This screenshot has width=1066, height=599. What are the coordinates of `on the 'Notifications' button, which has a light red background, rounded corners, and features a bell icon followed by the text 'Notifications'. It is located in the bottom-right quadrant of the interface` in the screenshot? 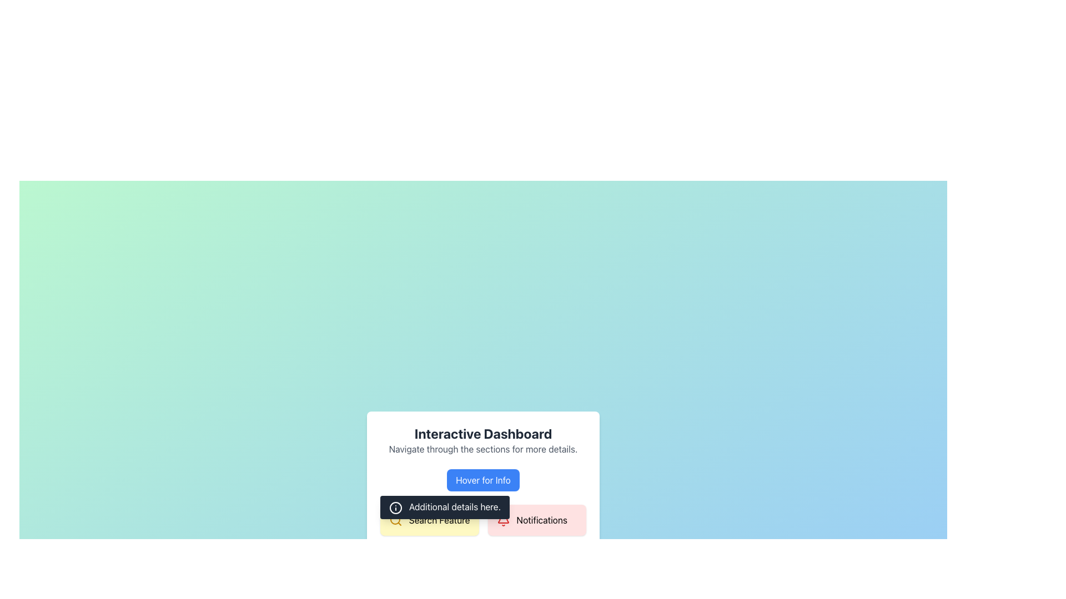 It's located at (537, 520).